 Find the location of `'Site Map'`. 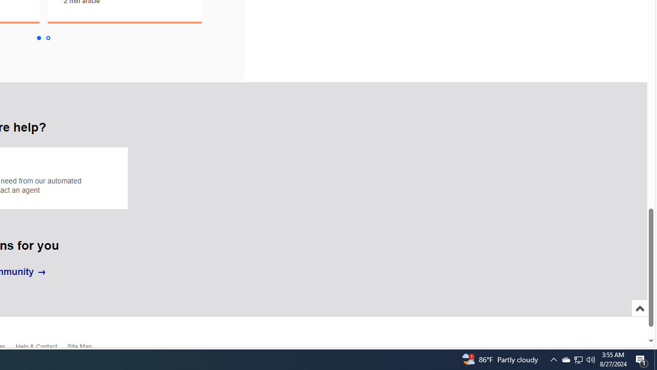

'Site Map' is located at coordinates (84, 348).